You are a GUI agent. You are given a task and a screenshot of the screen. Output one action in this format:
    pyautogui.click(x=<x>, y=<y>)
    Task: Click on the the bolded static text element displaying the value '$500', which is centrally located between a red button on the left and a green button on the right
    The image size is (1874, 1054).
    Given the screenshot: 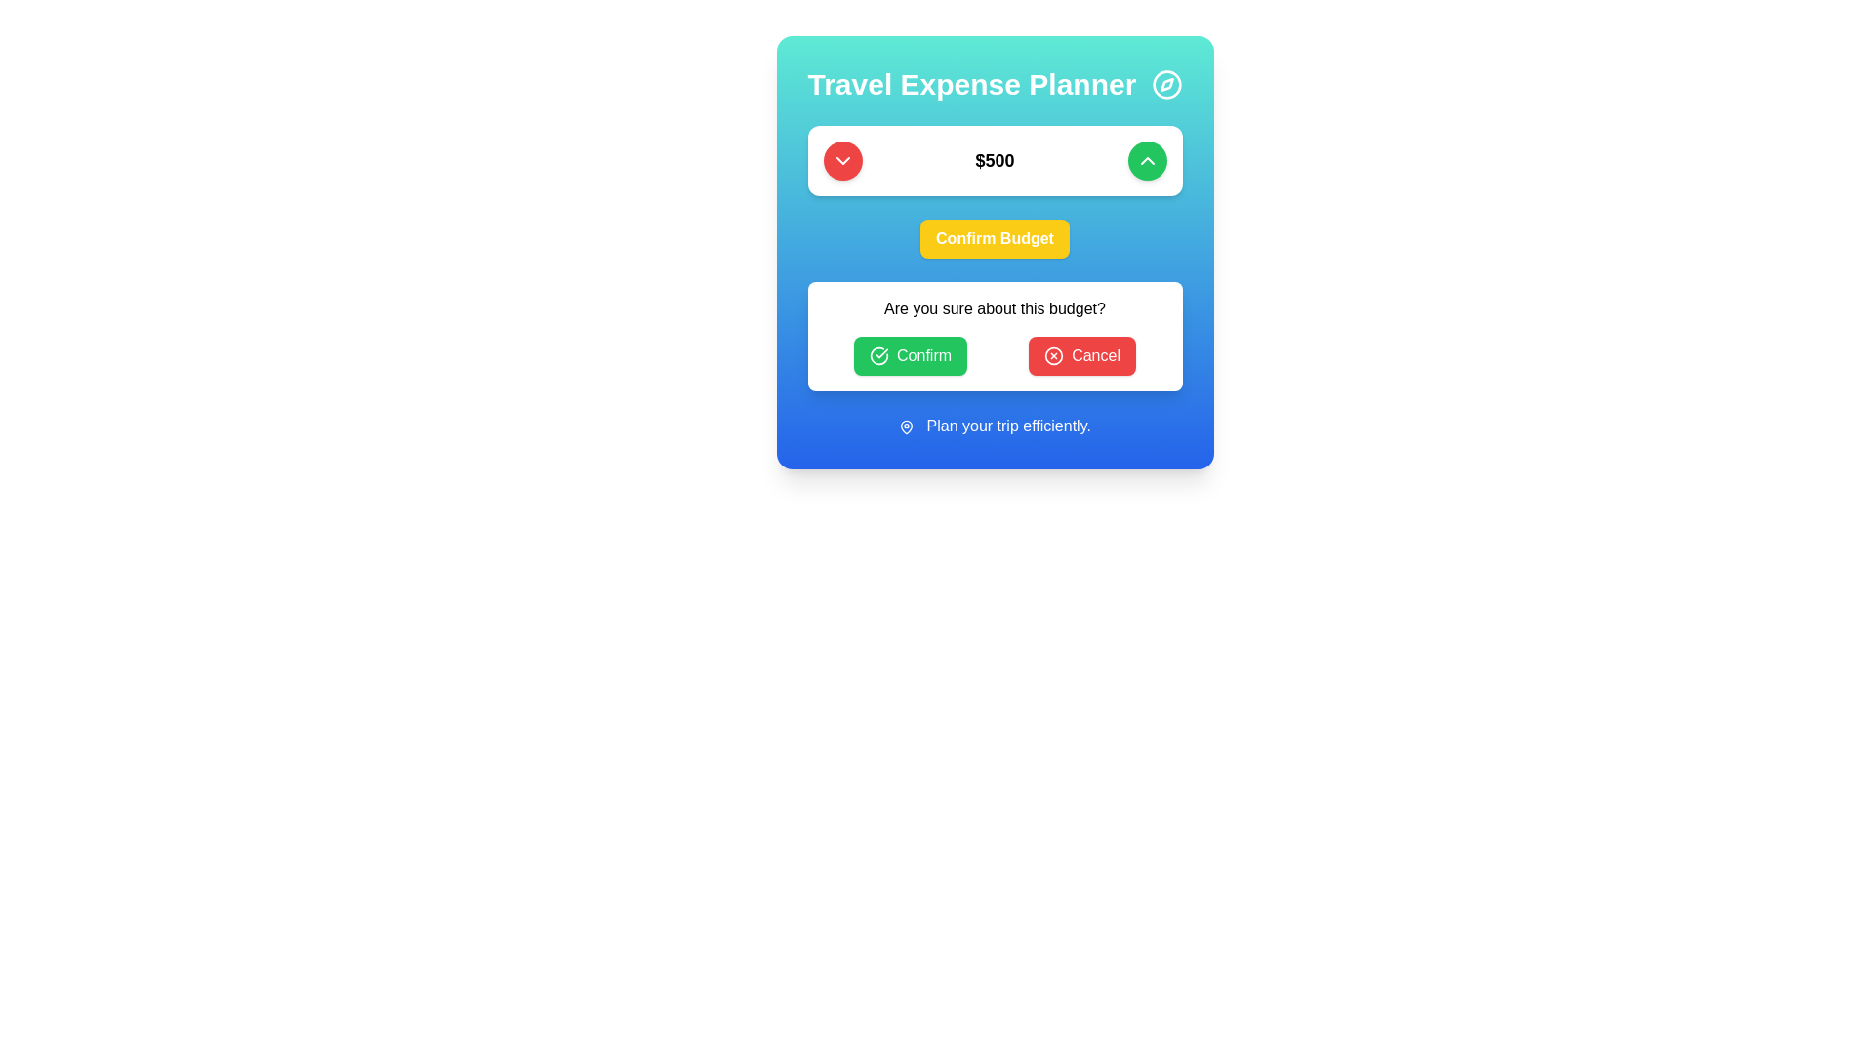 What is the action you would take?
    pyautogui.click(x=995, y=160)
    